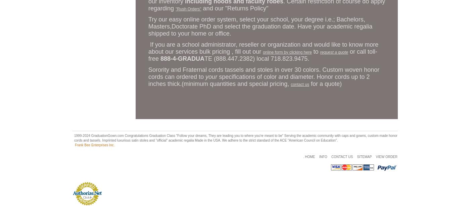 The image size is (470, 206). What do you see at coordinates (342, 156) in the screenshot?
I see `'Contact Us'` at bounding box center [342, 156].